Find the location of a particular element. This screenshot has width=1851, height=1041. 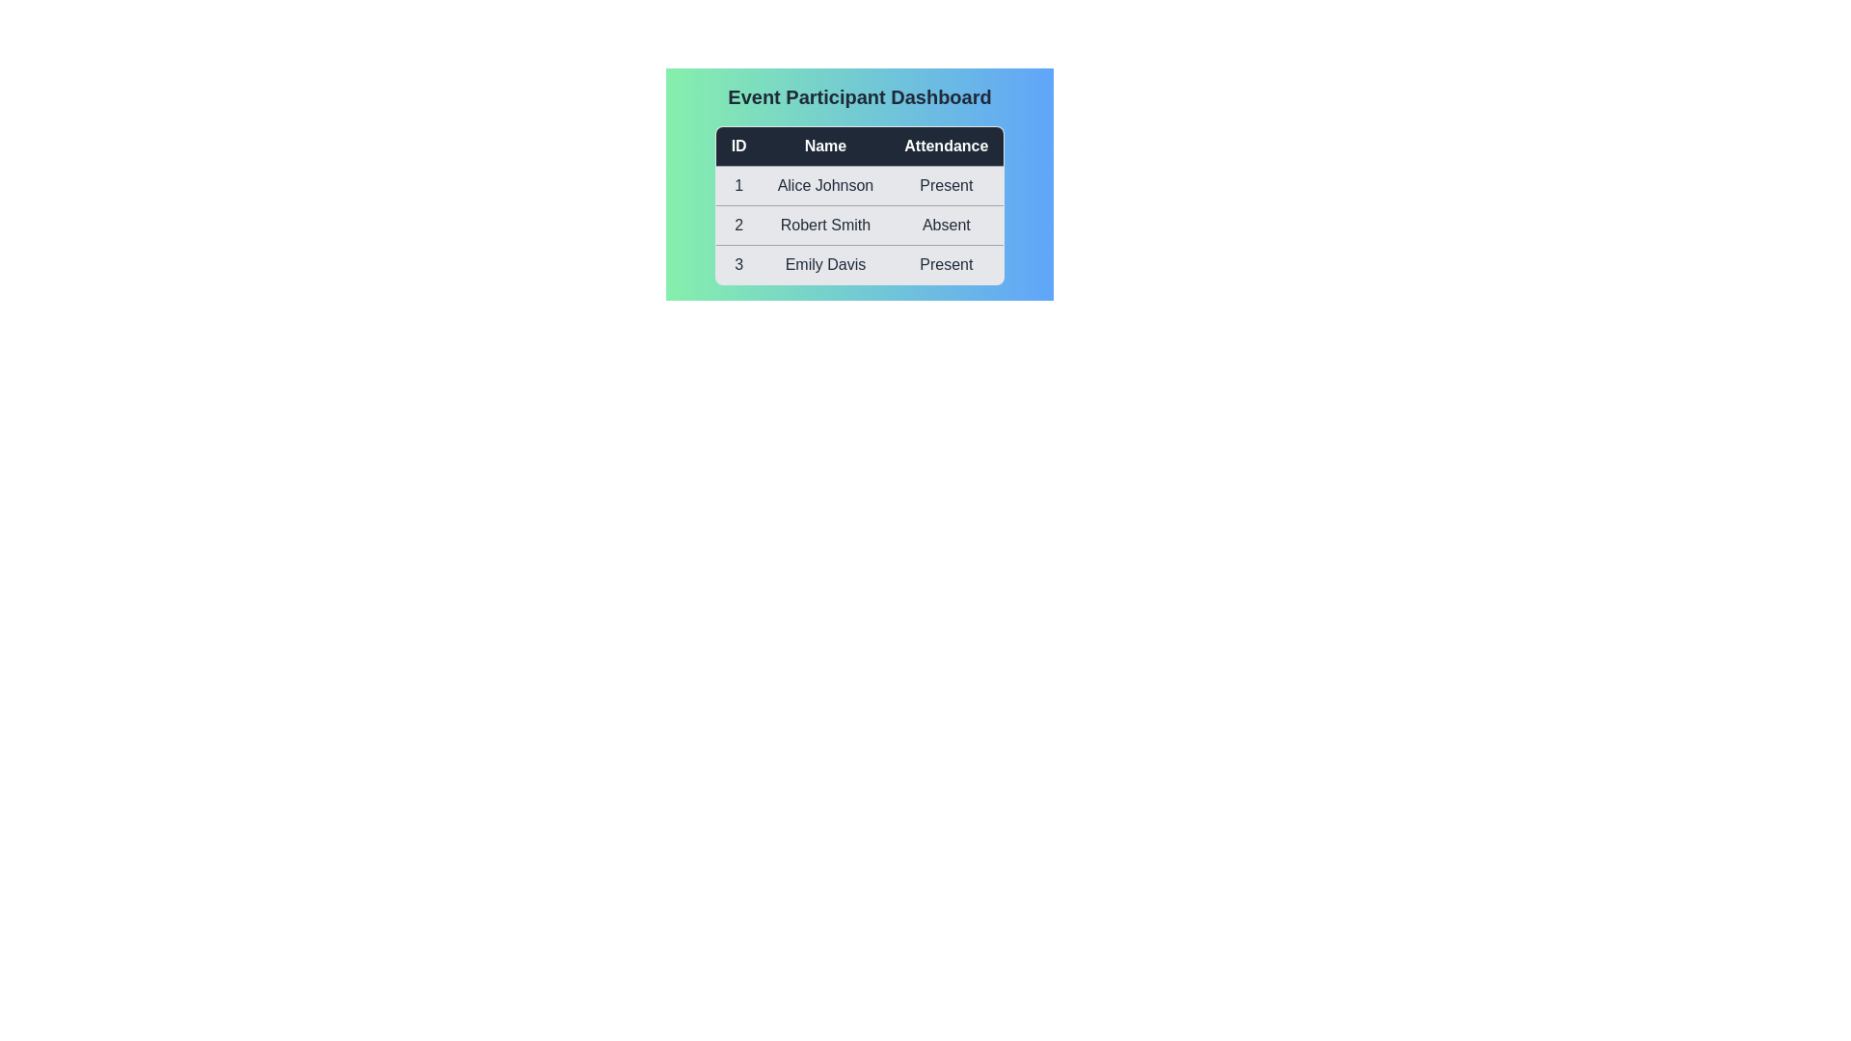

the text label displaying 'Present' in the Attendance column of the table is located at coordinates (947, 185).